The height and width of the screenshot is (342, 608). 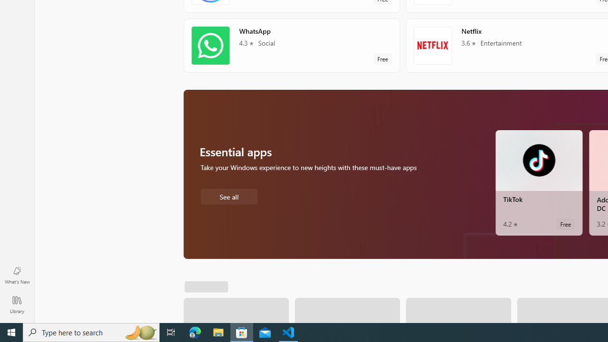 What do you see at coordinates (228, 195) in the screenshot?
I see `'See all  Essential apps'` at bounding box center [228, 195].